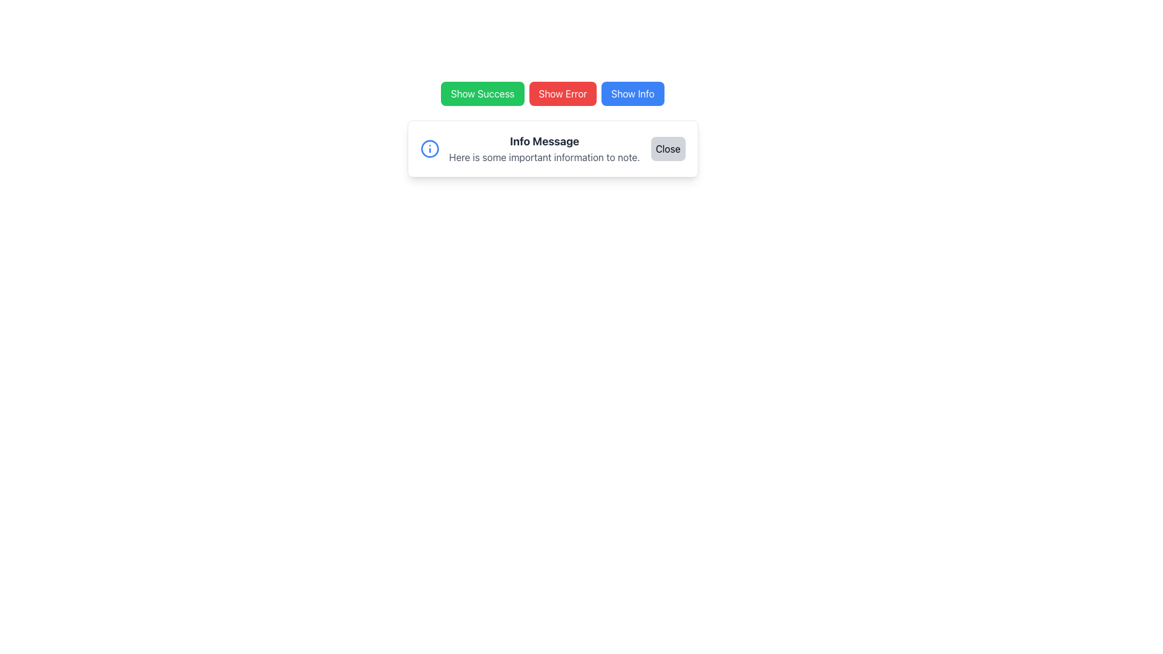  What do you see at coordinates (429, 148) in the screenshot?
I see `the circular element that is part of the informational icon located on the left side of the 'Info Message' box` at bounding box center [429, 148].